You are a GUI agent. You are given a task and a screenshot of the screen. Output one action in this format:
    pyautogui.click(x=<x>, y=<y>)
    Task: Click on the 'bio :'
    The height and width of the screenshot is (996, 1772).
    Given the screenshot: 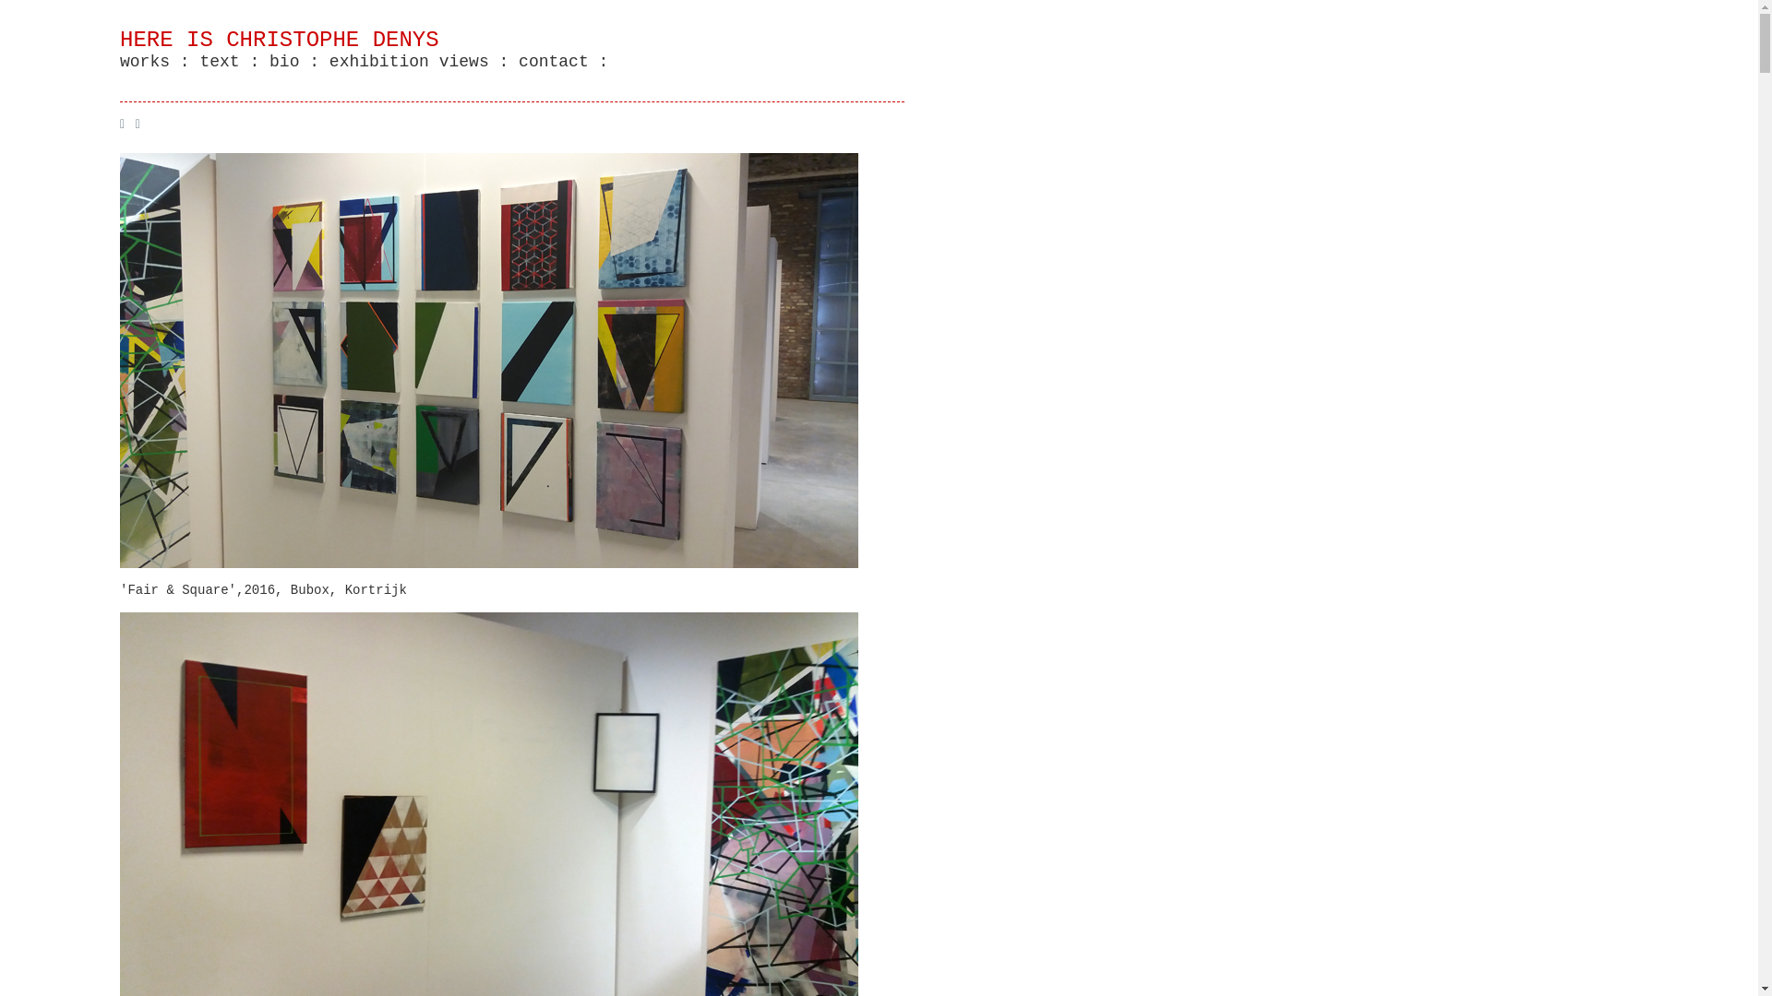 What is the action you would take?
    pyautogui.click(x=288, y=60)
    